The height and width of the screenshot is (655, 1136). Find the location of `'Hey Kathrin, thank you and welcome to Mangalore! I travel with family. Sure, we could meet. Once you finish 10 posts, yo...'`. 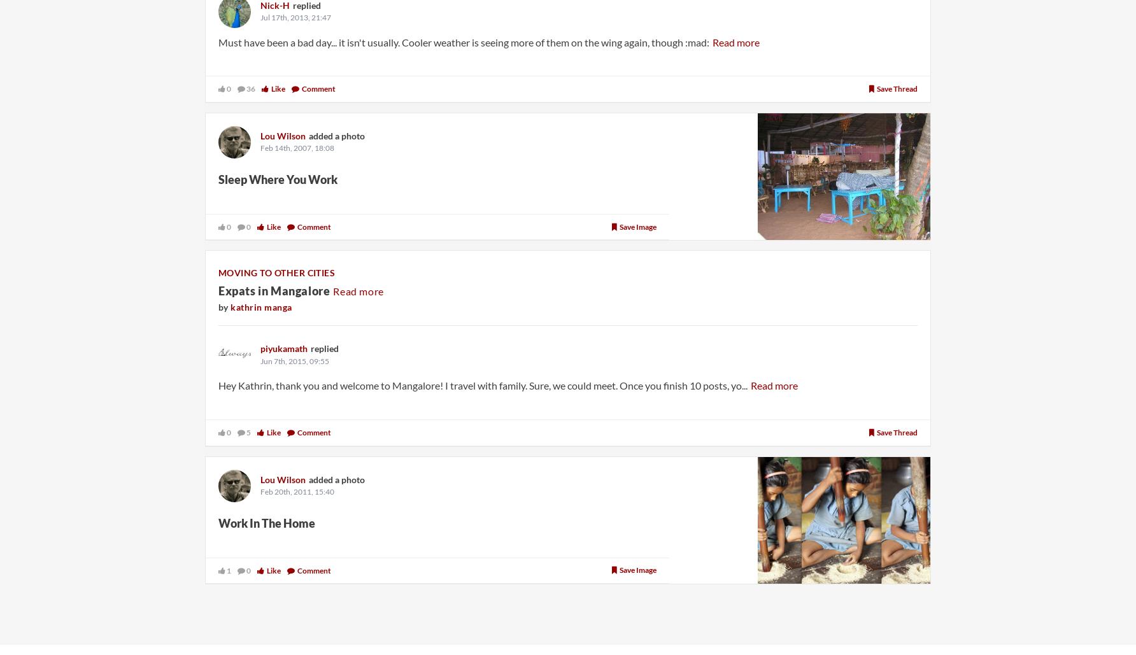

'Hey Kathrin, thank you and welcome to Mangalore! I travel with family. Sure, we could meet. Once you finish 10 posts, yo...' is located at coordinates (483, 385).